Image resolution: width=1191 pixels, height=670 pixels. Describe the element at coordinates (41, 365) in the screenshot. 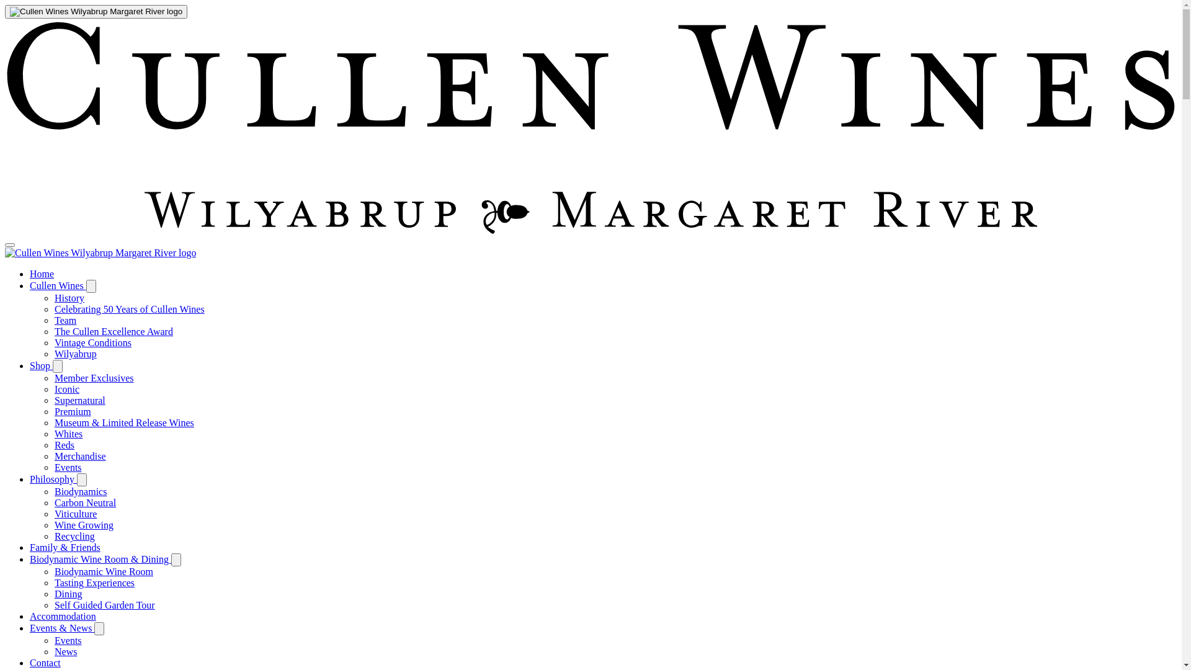

I see `'Shop'` at that location.